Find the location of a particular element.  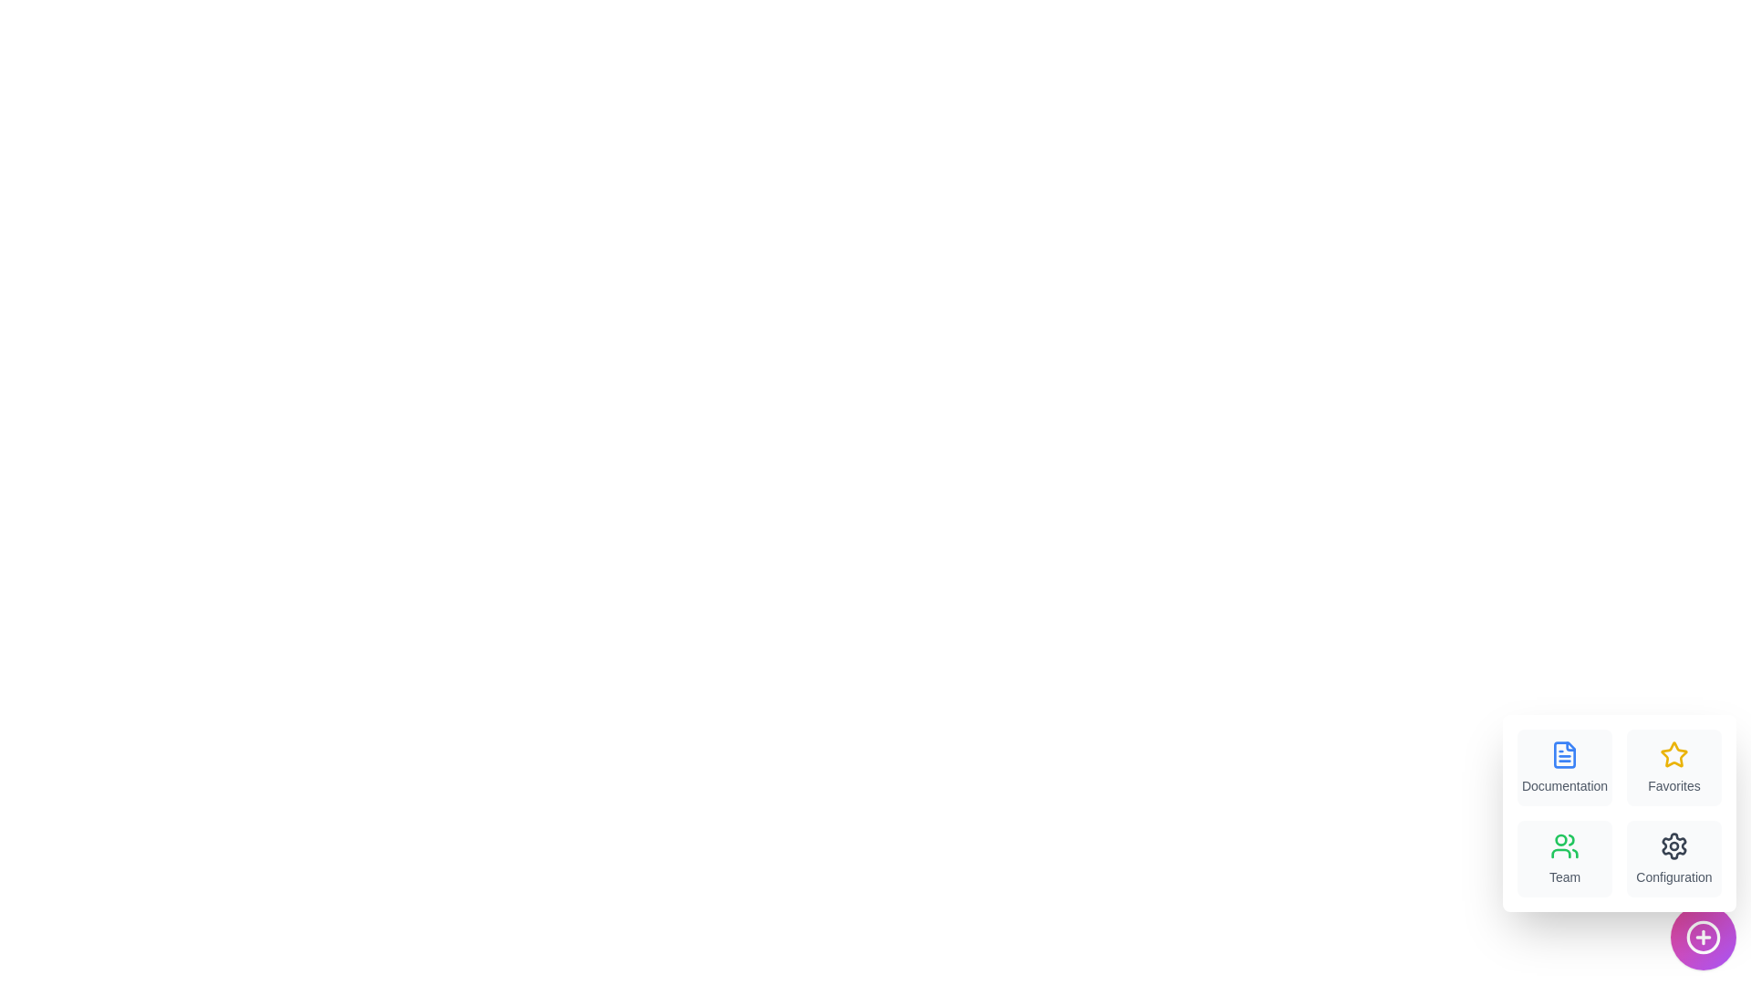

the menu item labeled Documentation to view its hover effect is located at coordinates (1564, 767).